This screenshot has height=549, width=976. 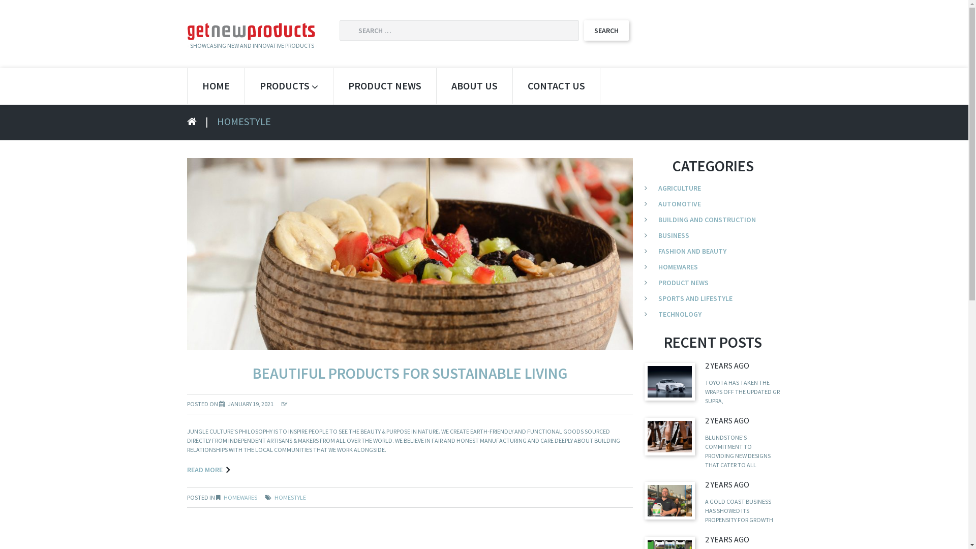 I want to click on 'FASHION AND BEAUTY', so click(x=692, y=251).